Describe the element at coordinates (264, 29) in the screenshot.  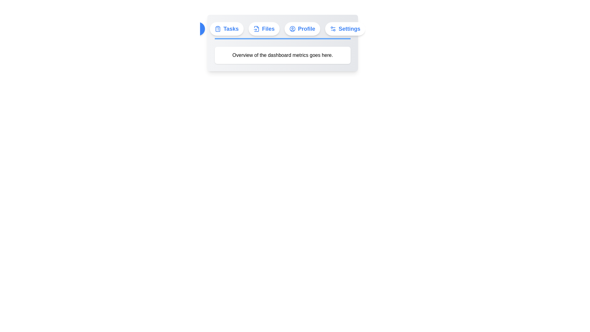
I see `the rounded button labeled 'Files' with a blue icon` at that location.